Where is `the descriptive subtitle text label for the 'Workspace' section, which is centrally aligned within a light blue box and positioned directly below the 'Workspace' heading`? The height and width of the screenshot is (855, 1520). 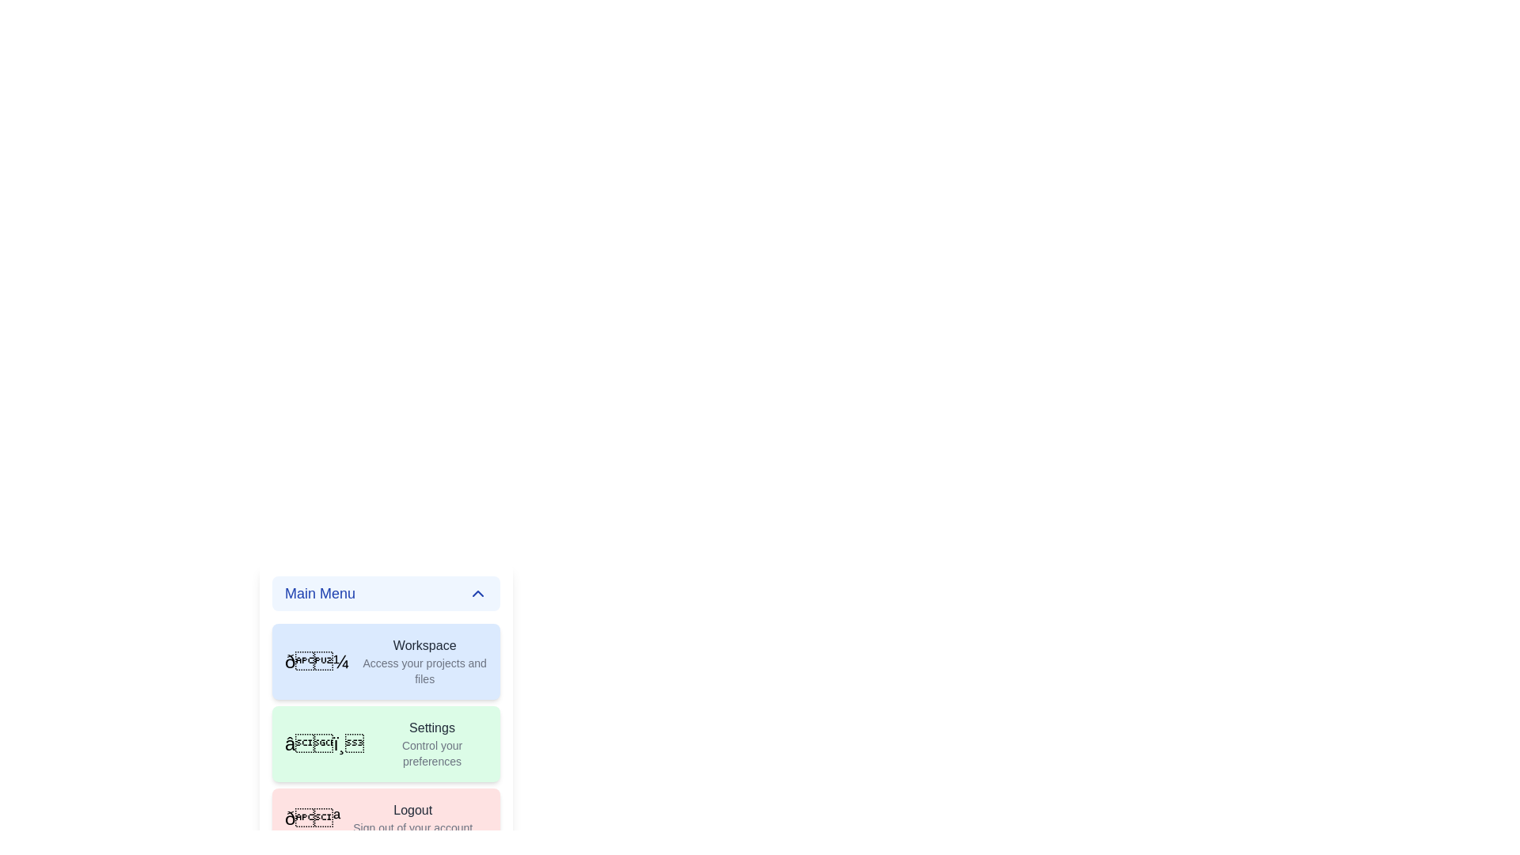 the descriptive subtitle text label for the 'Workspace' section, which is centrally aligned within a light blue box and positioned directly below the 'Workspace' heading is located at coordinates (424, 671).